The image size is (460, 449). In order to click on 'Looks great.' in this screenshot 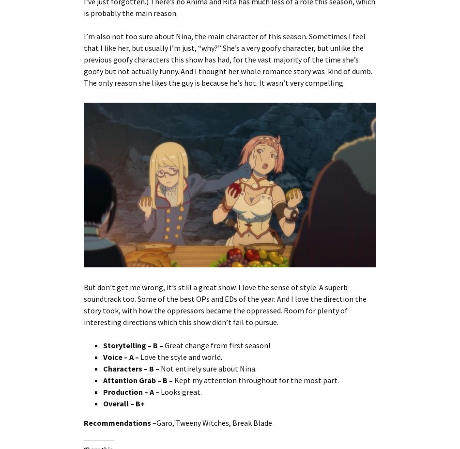, I will do `click(181, 391)`.